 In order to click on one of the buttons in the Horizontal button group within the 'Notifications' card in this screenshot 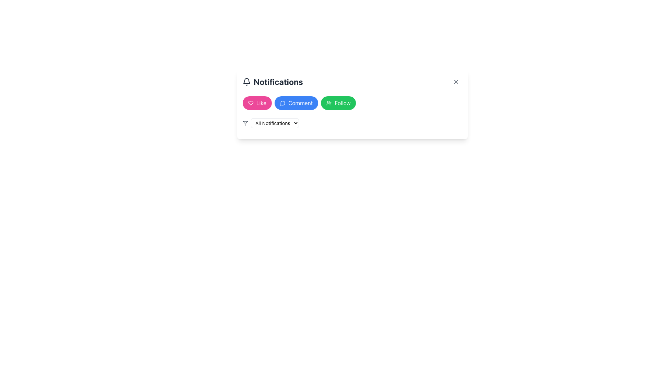, I will do `click(352, 103)`.